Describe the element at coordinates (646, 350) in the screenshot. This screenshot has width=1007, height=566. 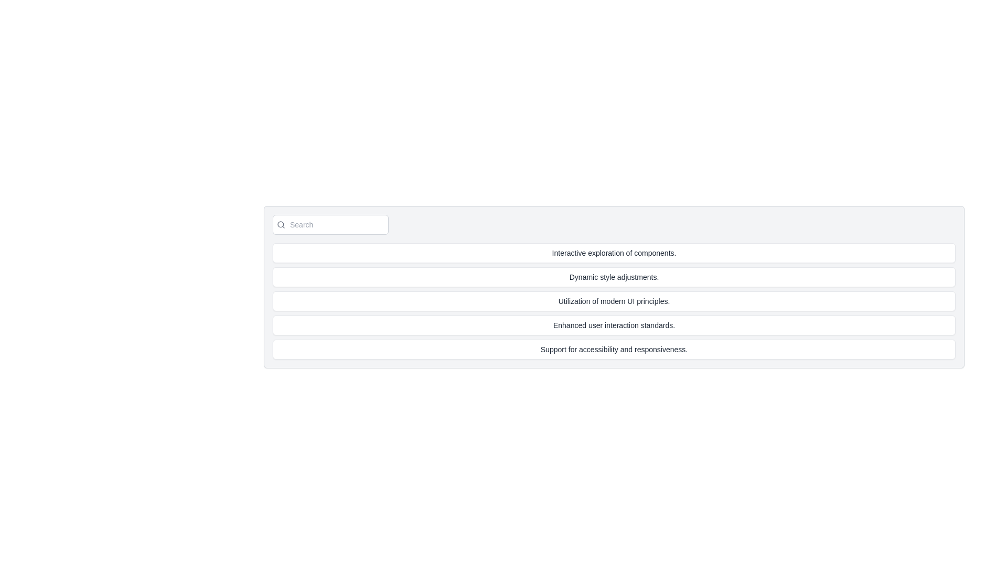
I see `the sixth character 'o' in the second instance of the word containing 'p' in the text 'Support for accessibility and responsiveness.' within the last list item` at that location.